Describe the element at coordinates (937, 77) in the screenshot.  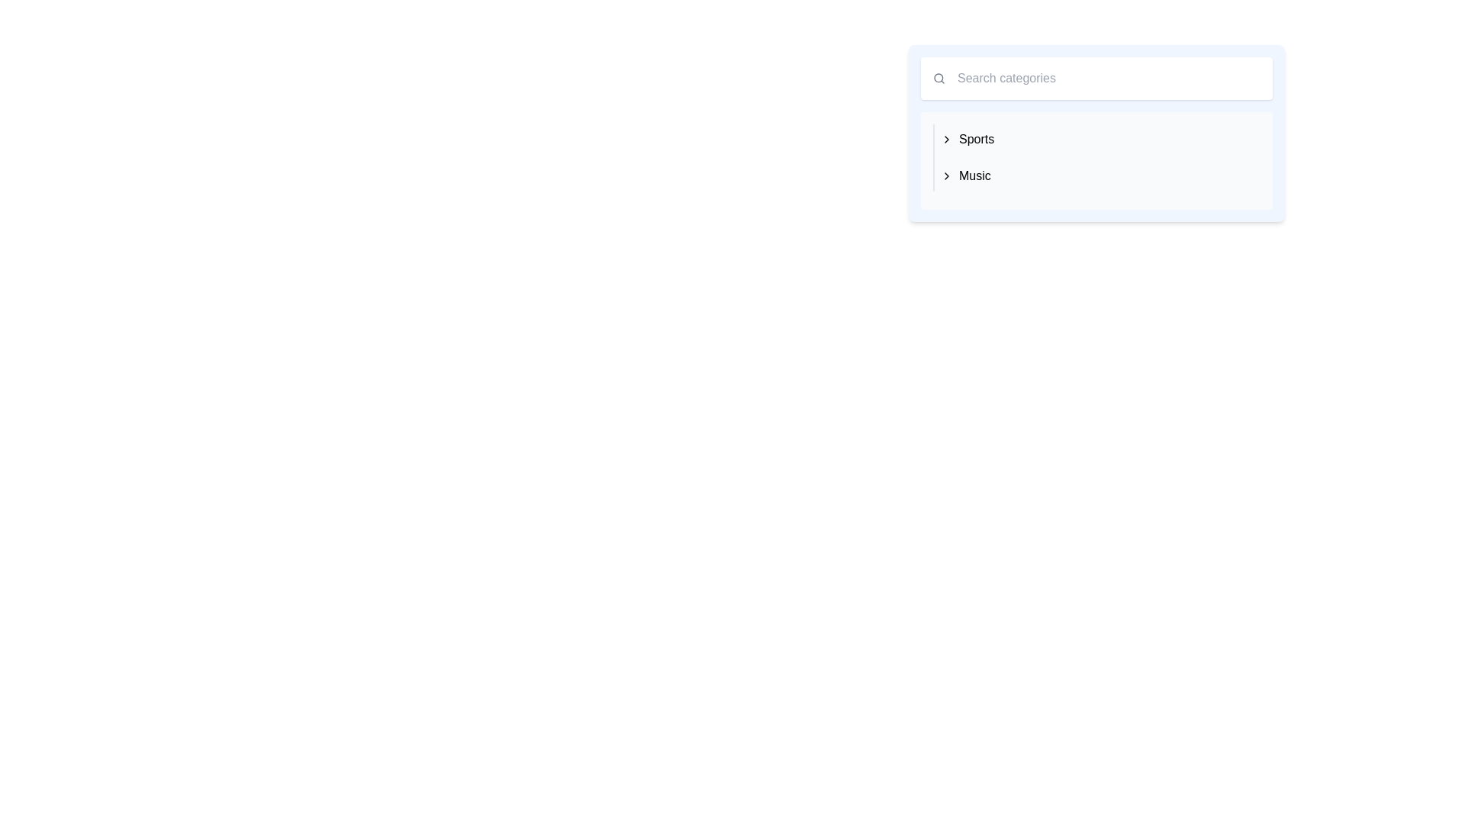
I see `the search icon by clicking the SVG circle that represents the lens part of the magnifying glass, located at the center of the icon` at that location.